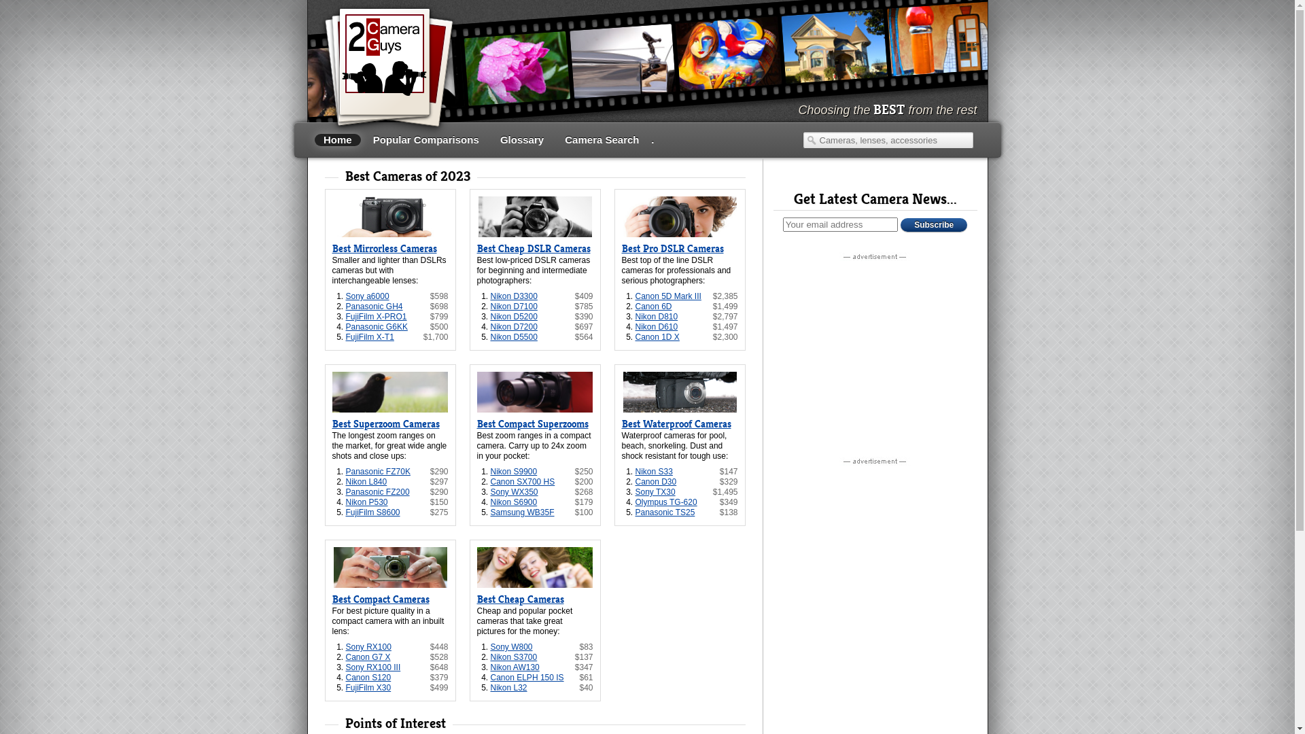  What do you see at coordinates (514, 492) in the screenshot?
I see `'Sony WX350'` at bounding box center [514, 492].